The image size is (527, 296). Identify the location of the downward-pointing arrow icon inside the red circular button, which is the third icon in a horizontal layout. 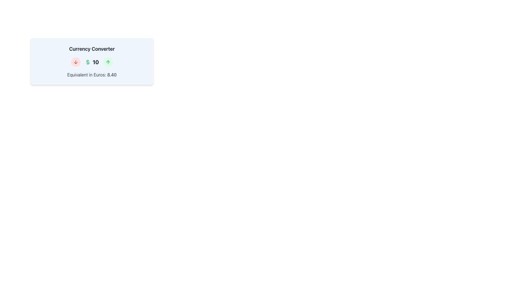
(75, 62).